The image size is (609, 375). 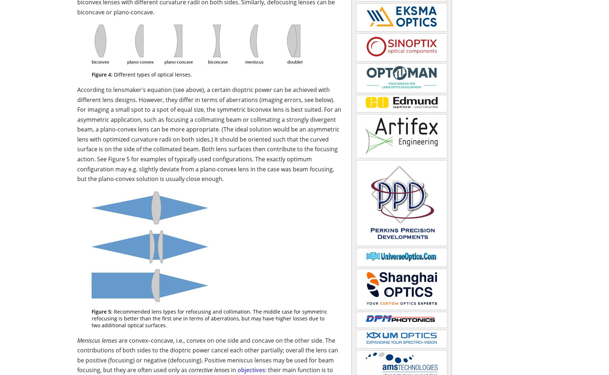 What do you see at coordinates (207, 355) in the screenshot?
I see `'are convex–concave, i.e., convex on one side and concave on the other side.
The contributions of both sides to the dioptric power cancel each other partially; overall the lens can be positive (focusing) or negative (defocusing). Positive meniscus lenses may be used for beam focusing, but they are often used only as'` at bounding box center [207, 355].